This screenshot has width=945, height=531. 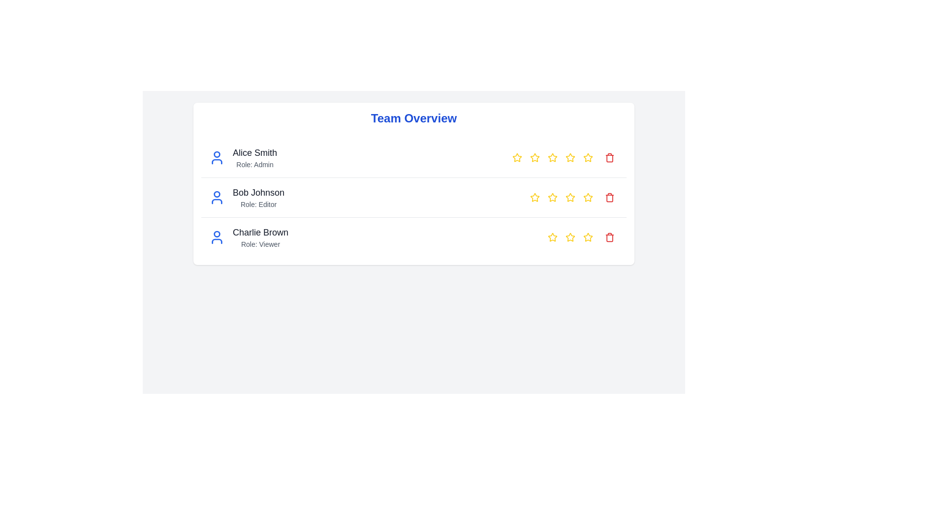 I want to click on the fourth yellow star in the rating system under the 'Team Overview' section, so click(x=553, y=157).